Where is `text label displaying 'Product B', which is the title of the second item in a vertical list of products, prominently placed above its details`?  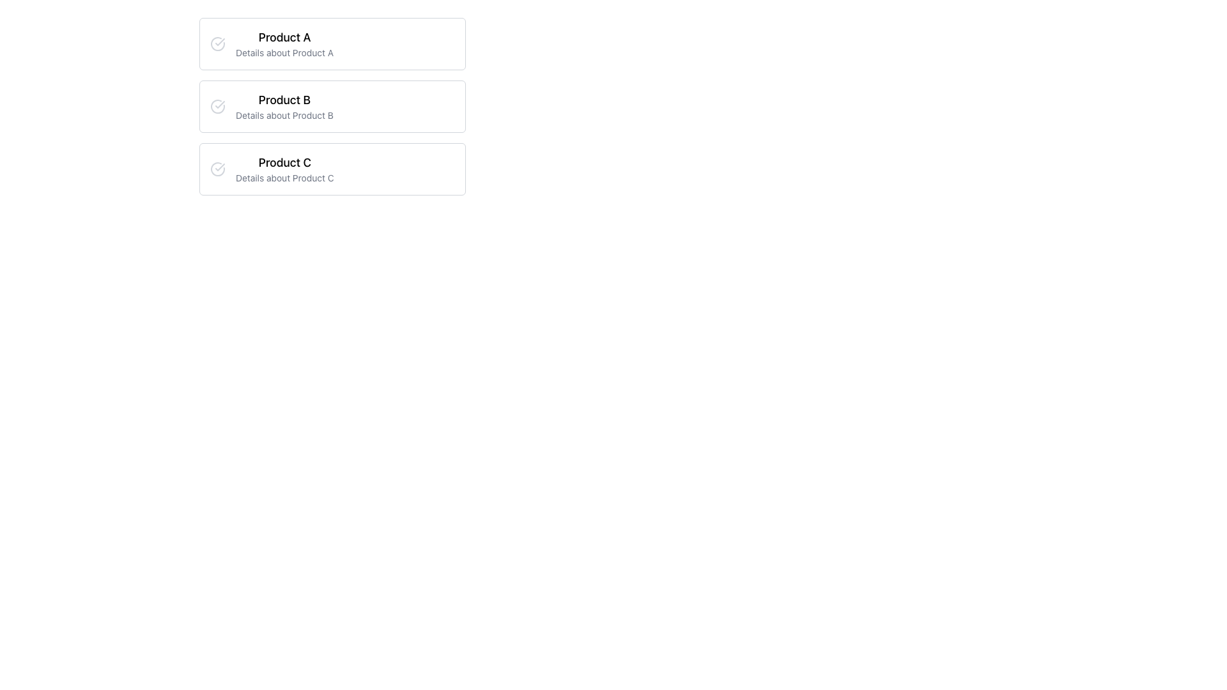
text label displaying 'Product B', which is the title of the second item in a vertical list of products, prominently placed above its details is located at coordinates (284, 100).